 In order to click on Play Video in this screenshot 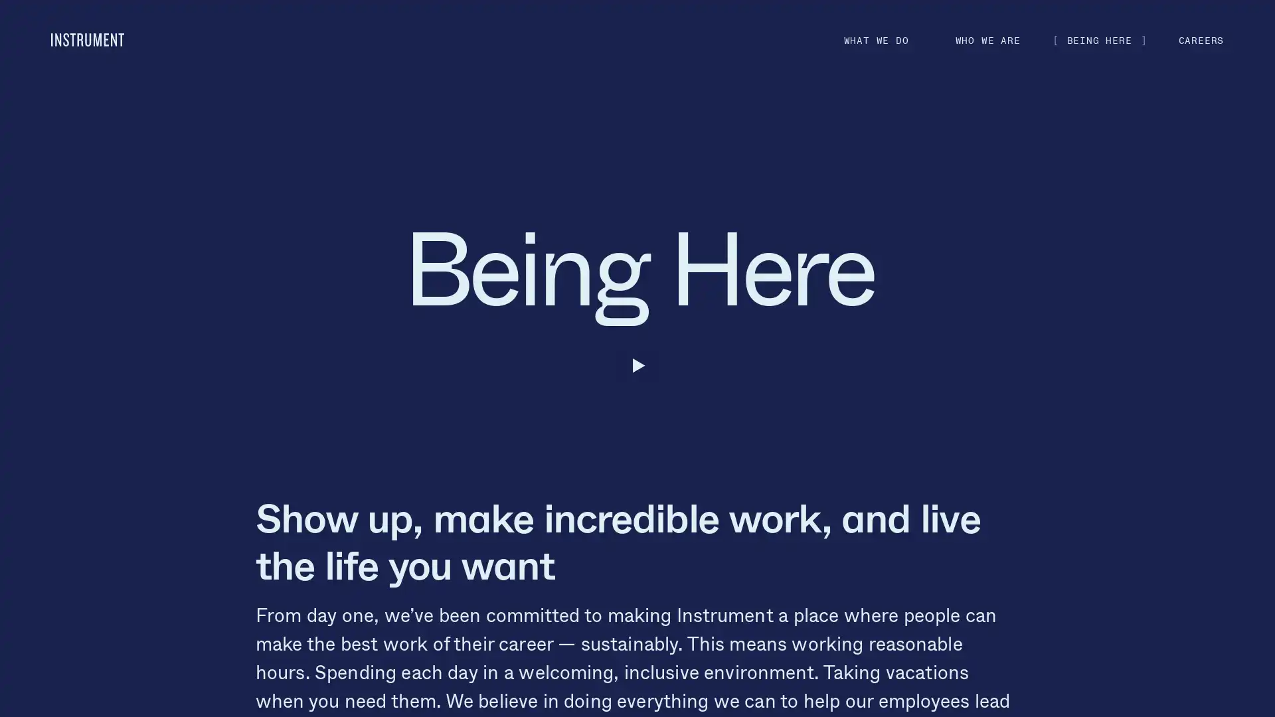, I will do `click(636, 694)`.